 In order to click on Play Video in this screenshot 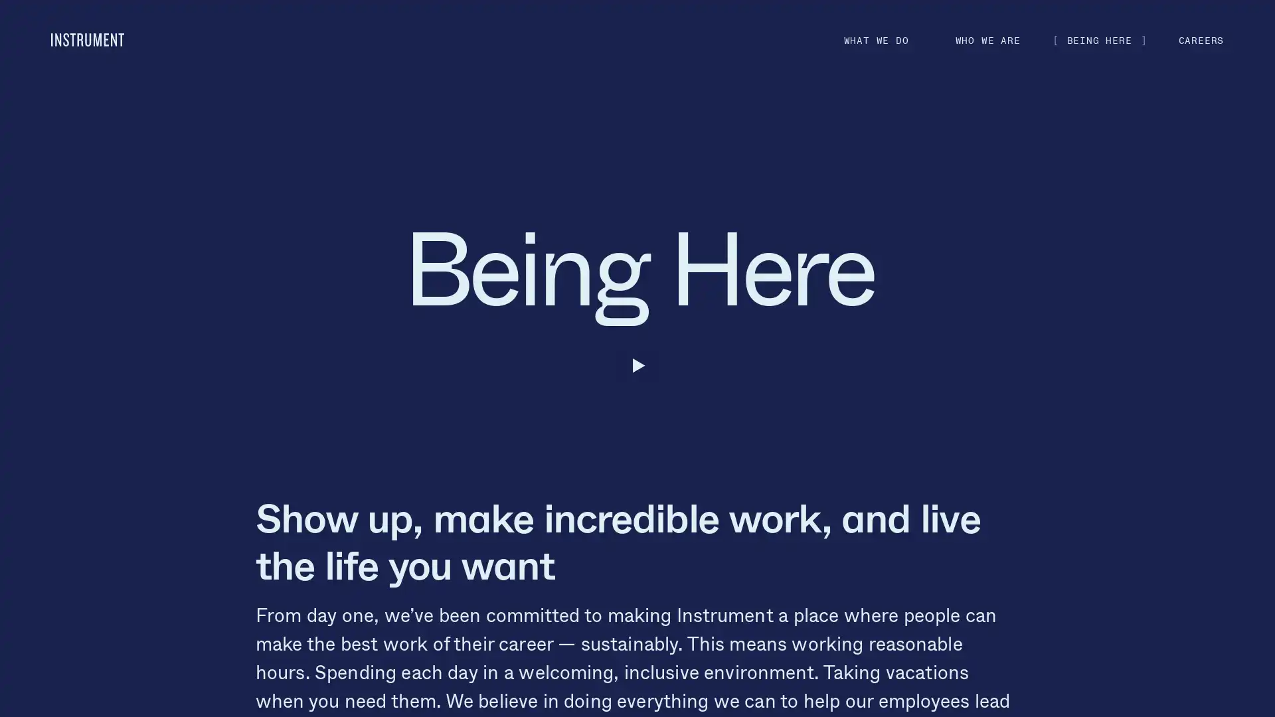, I will do `click(636, 694)`.